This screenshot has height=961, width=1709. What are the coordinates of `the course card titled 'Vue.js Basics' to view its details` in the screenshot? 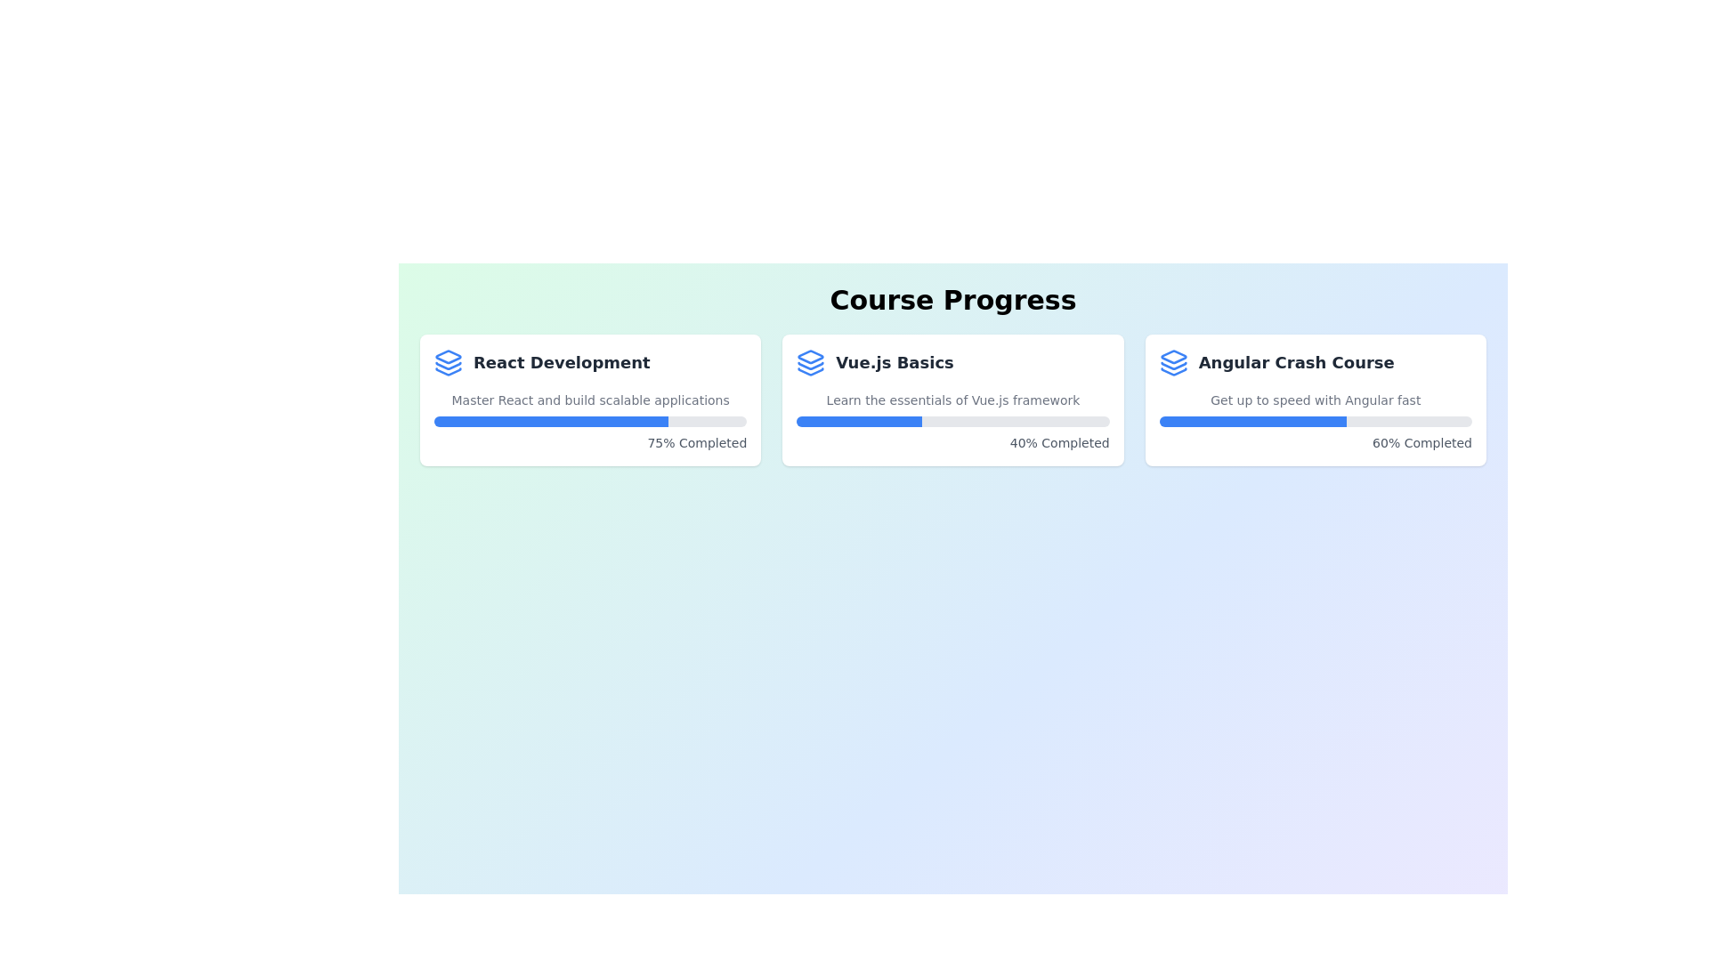 It's located at (952, 400).